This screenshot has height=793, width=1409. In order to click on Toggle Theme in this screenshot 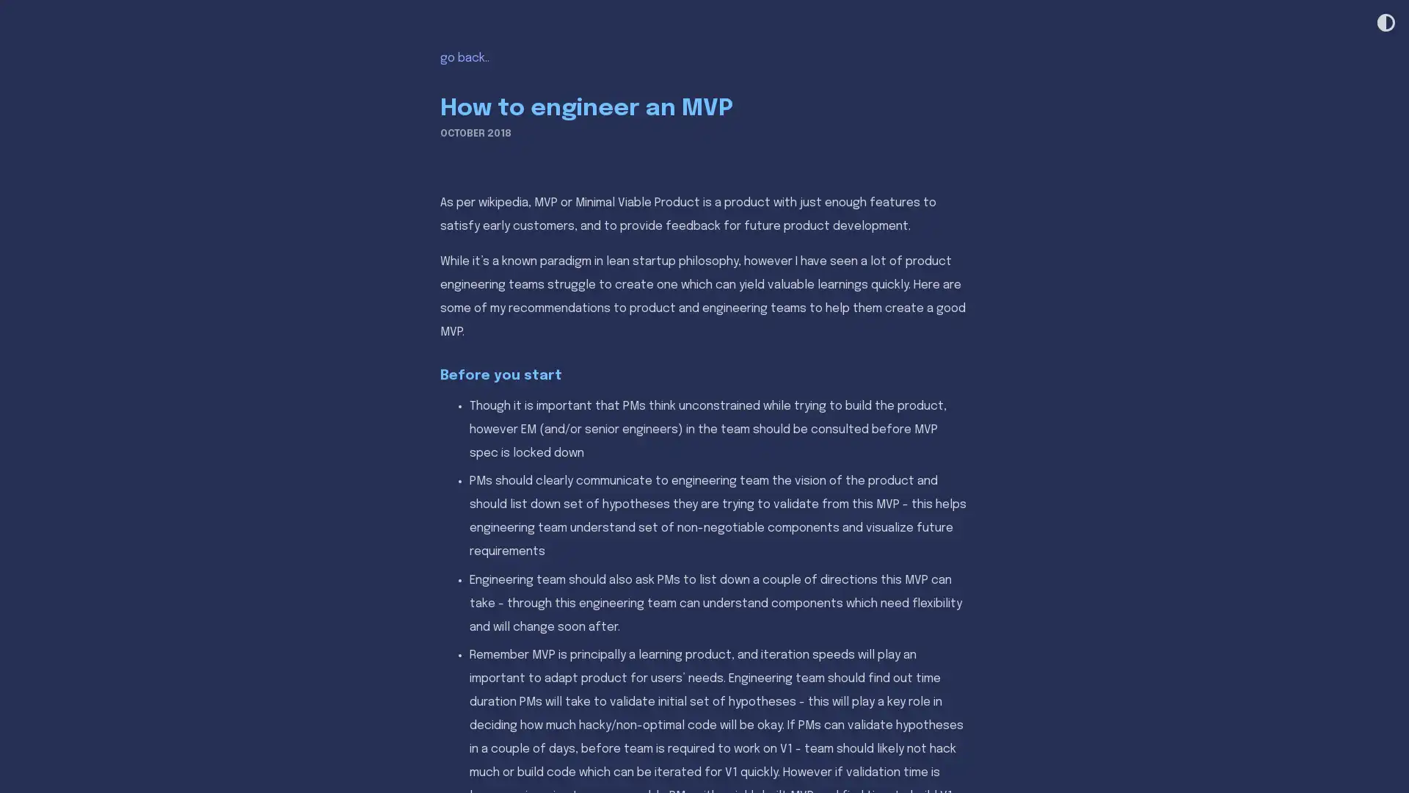, I will do `click(1384, 23)`.